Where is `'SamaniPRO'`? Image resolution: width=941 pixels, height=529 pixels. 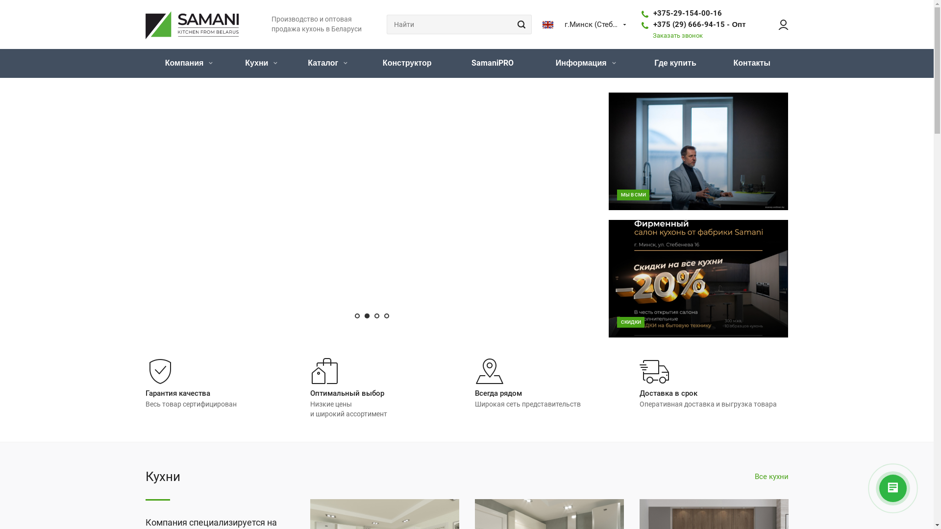
'SamaniPRO' is located at coordinates (492, 63).